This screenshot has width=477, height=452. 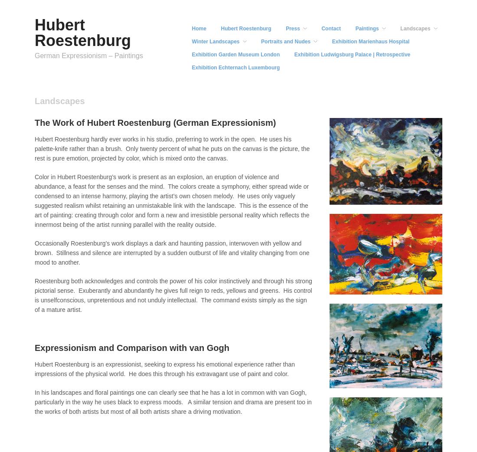 What do you see at coordinates (215, 41) in the screenshot?
I see `'Winter Landscapes'` at bounding box center [215, 41].